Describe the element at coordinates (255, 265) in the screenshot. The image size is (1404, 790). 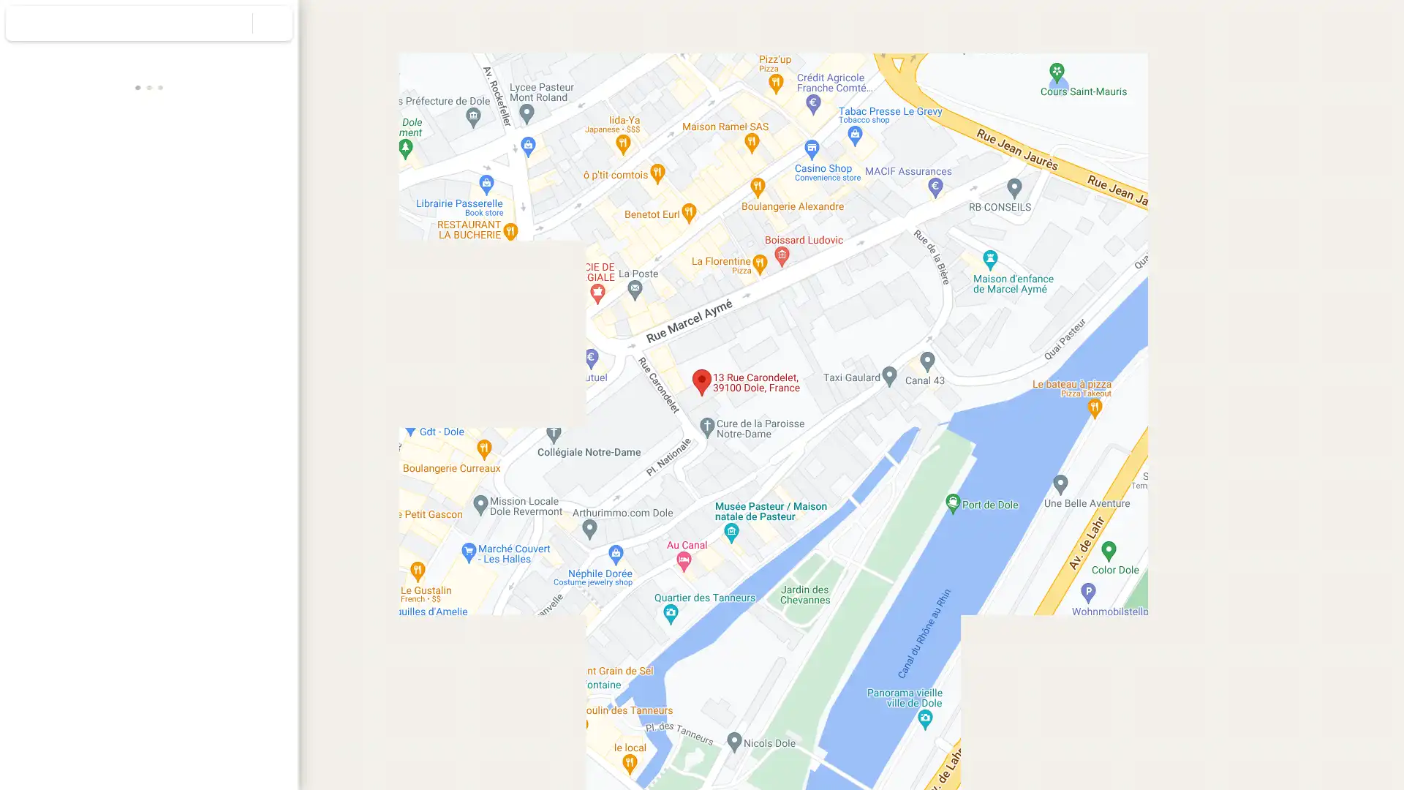
I see `Share 13 Rue Carondelet` at that location.